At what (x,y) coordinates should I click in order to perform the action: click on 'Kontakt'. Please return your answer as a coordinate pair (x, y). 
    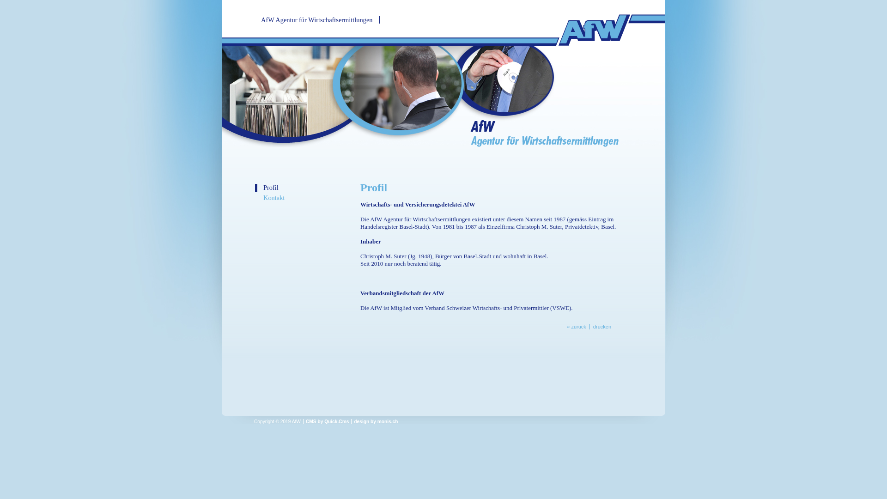
    Looking at the image, I should click on (255, 197).